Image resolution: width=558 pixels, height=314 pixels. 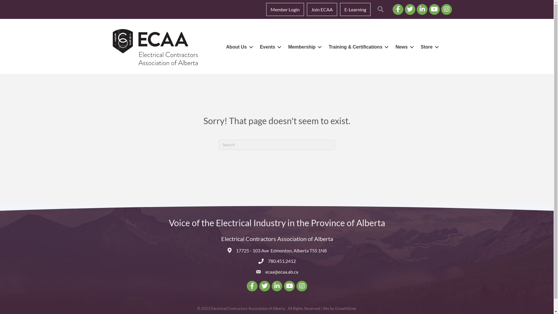 I want to click on 'News', so click(x=403, y=47).